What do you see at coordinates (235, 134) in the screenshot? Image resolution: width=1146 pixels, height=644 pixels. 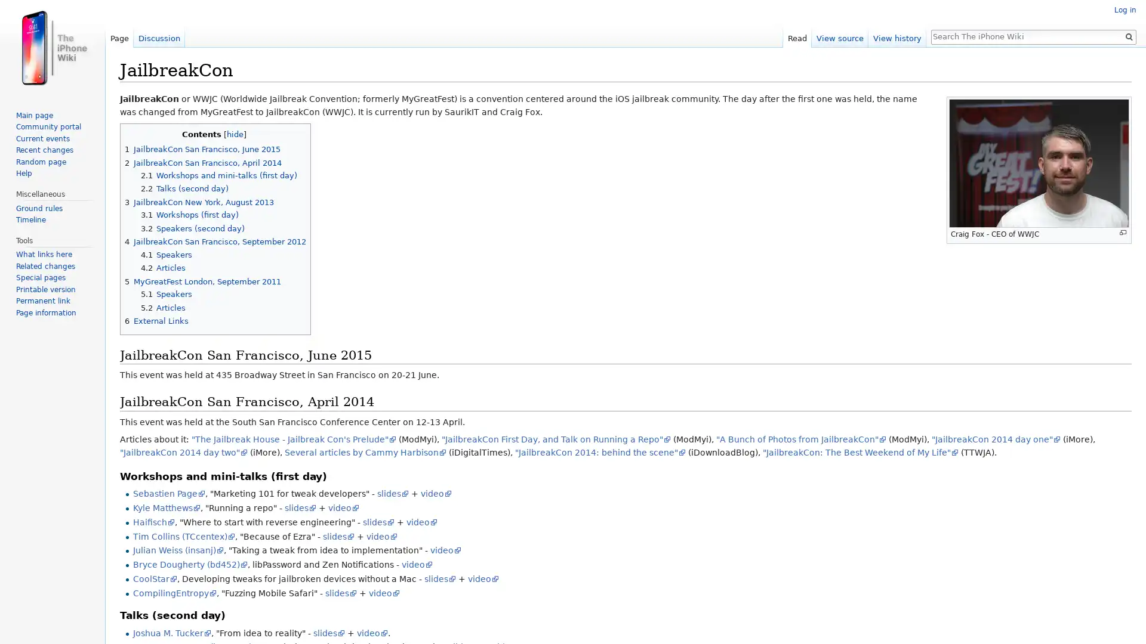 I see `hide` at bounding box center [235, 134].